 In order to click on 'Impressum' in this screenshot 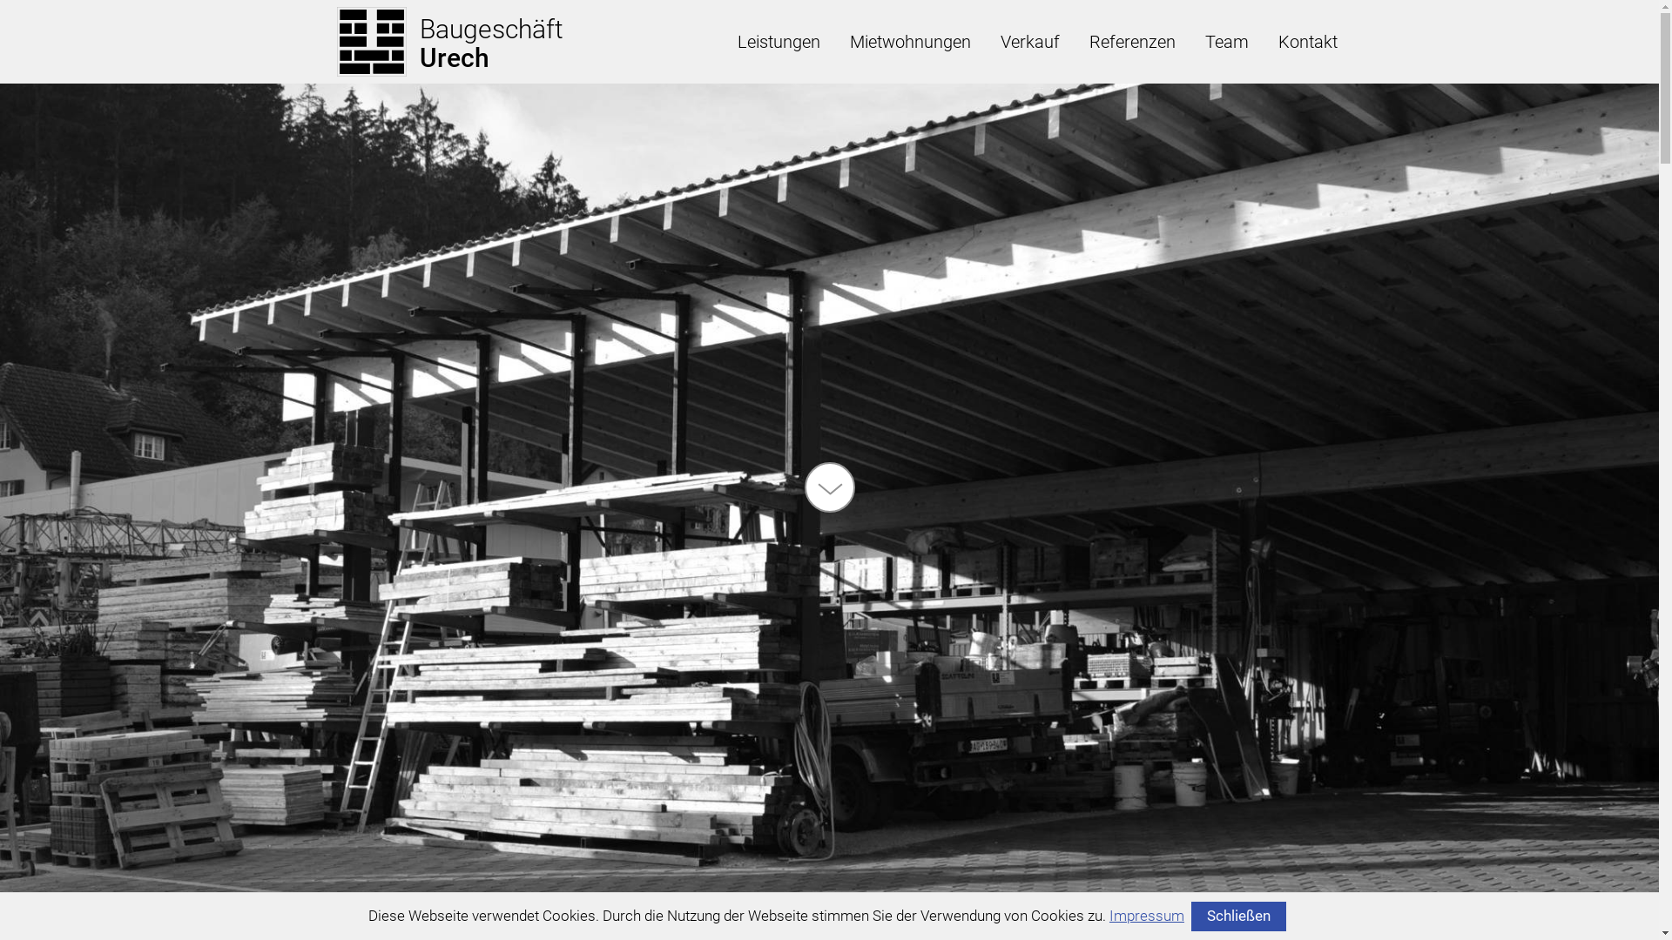, I will do `click(1146, 915)`.